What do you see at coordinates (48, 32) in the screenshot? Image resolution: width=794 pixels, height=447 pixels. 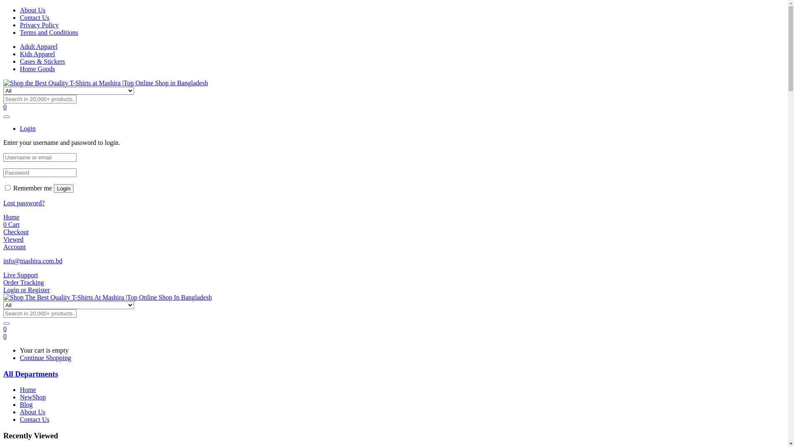 I see `'Terms and Conditions'` at bounding box center [48, 32].